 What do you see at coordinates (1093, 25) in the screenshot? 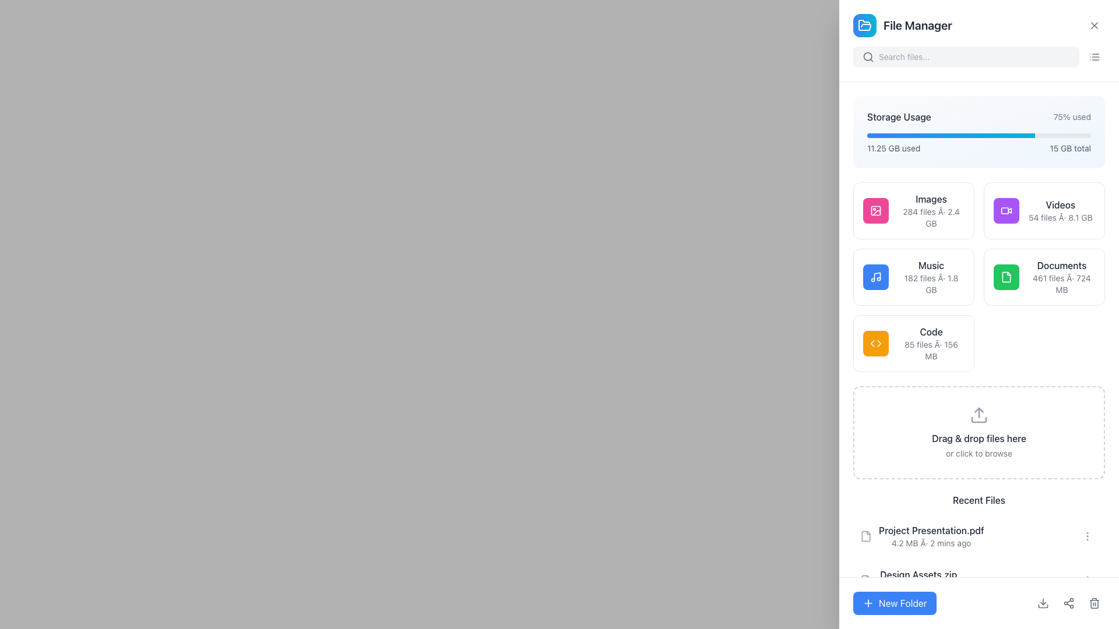
I see `the 'X' icon button located in the top right corner of the File Manager interface, which is used for closing or dismissing the window` at bounding box center [1093, 25].